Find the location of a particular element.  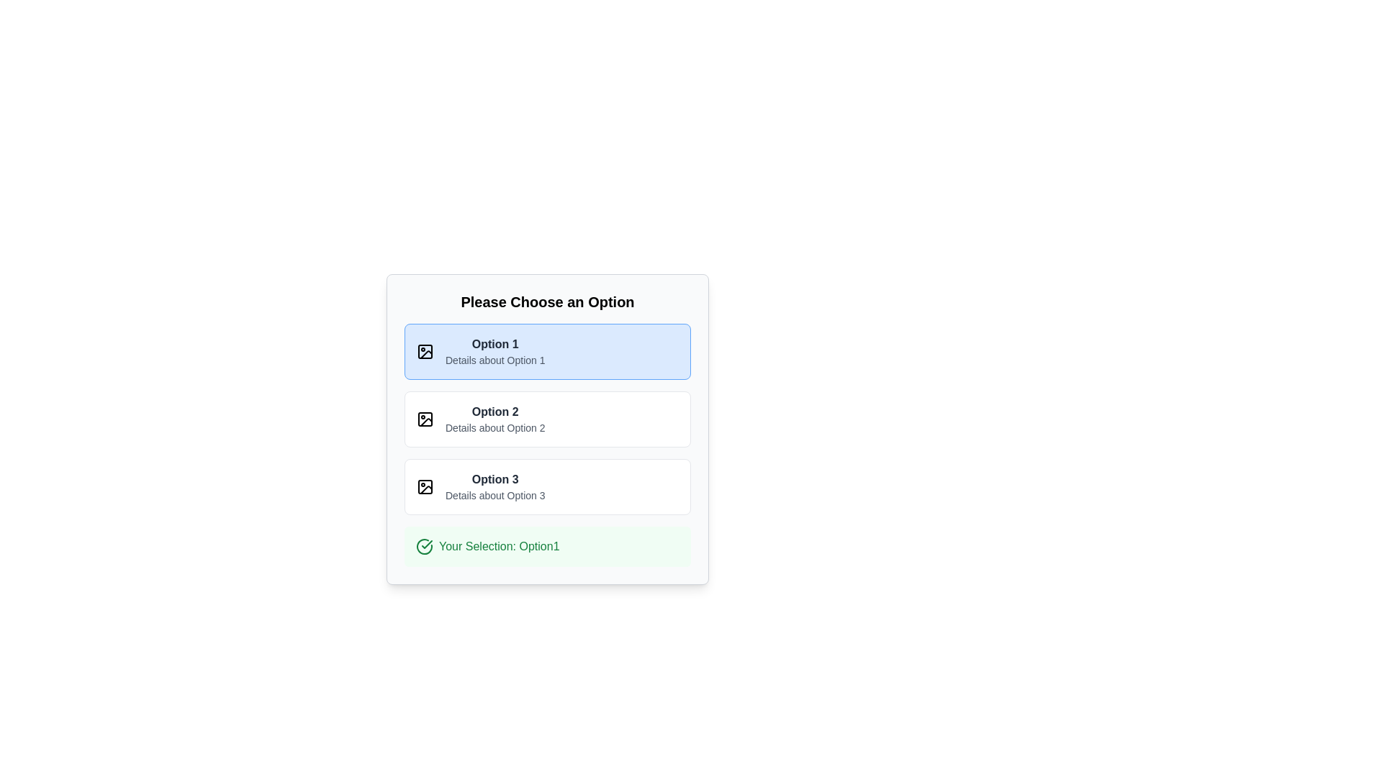

the selectable list item labeled 'Option 2' is located at coordinates (547, 419).